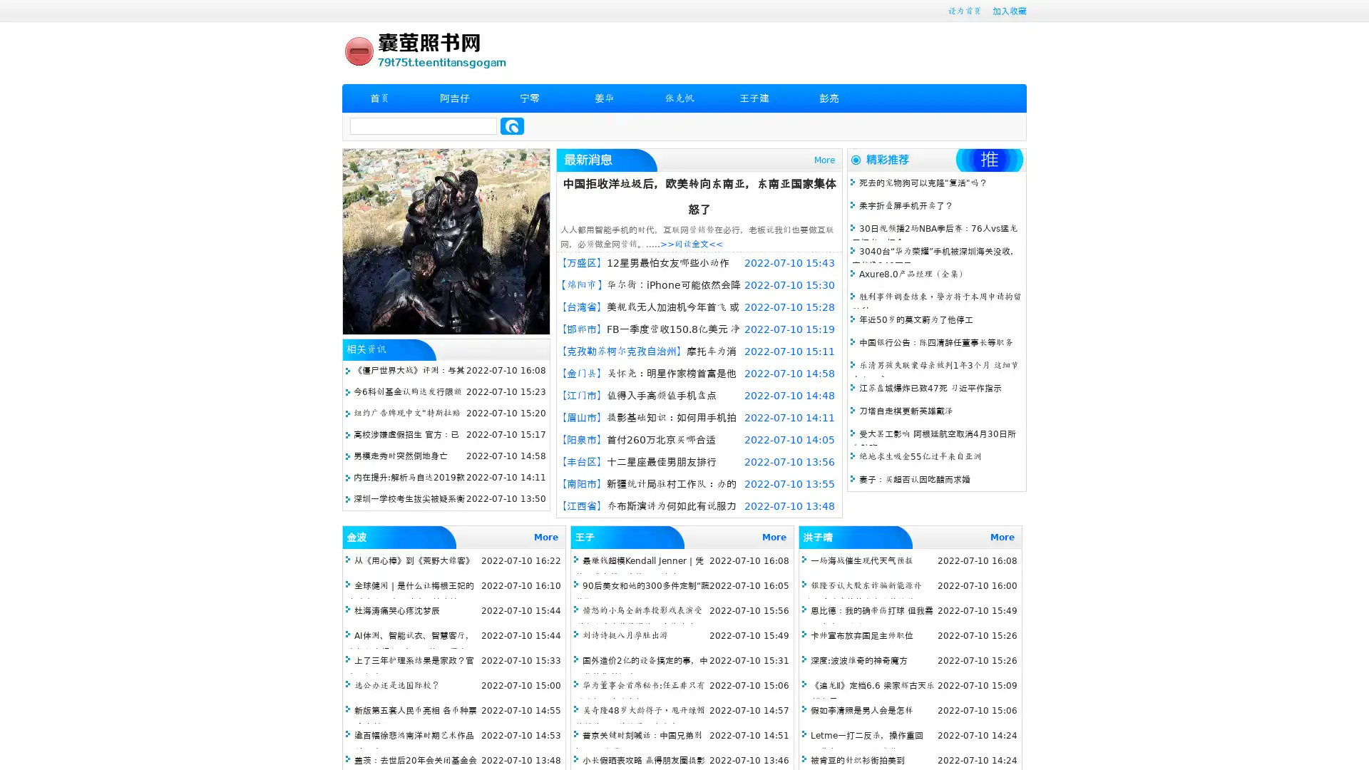  Describe the element at coordinates (512, 125) in the screenshot. I see `Search` at that location.